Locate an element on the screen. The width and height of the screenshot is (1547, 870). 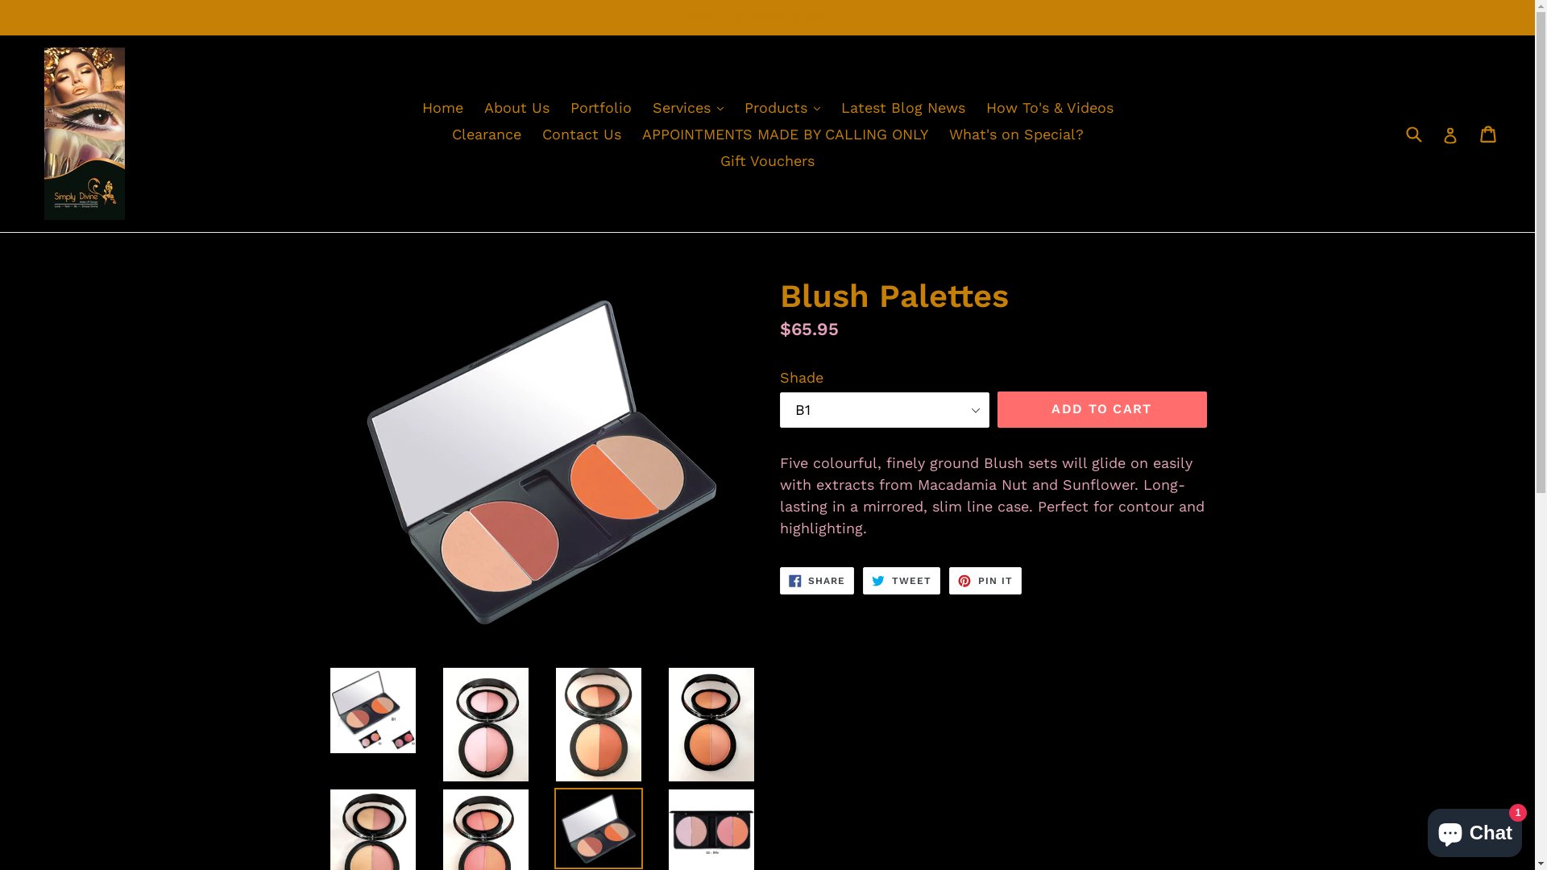
'About Us' is located at coordinates (475, 106).